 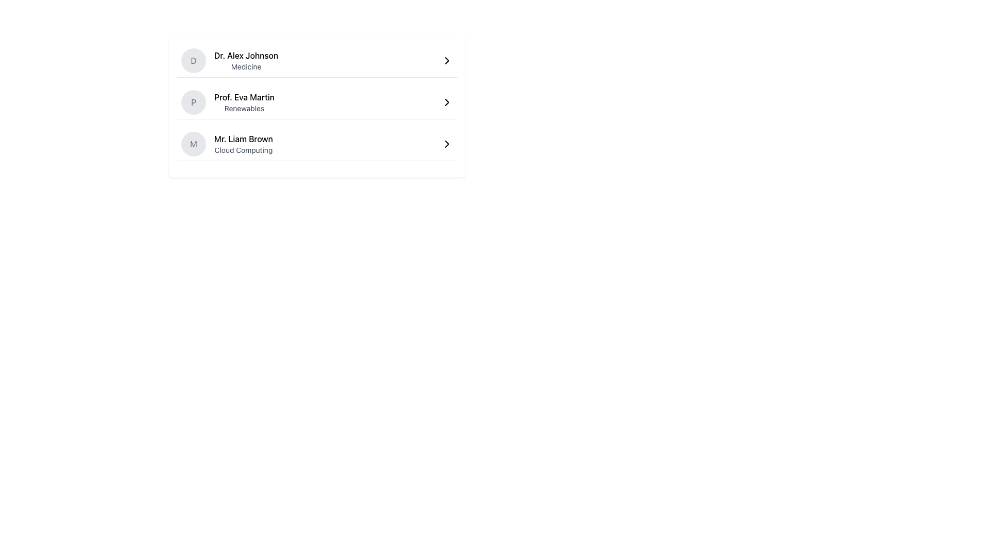 I want to click on the text label that serves as a subtitle for the profile 'Prof. Eva Martin', which indicates the category 'Renewables', so click(x=244, y=109).